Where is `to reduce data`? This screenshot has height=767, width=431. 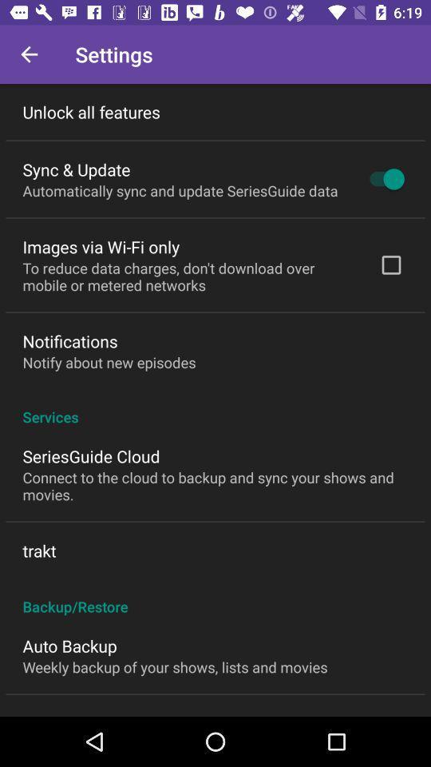 to reduce data is located at coordinates (190, 276).